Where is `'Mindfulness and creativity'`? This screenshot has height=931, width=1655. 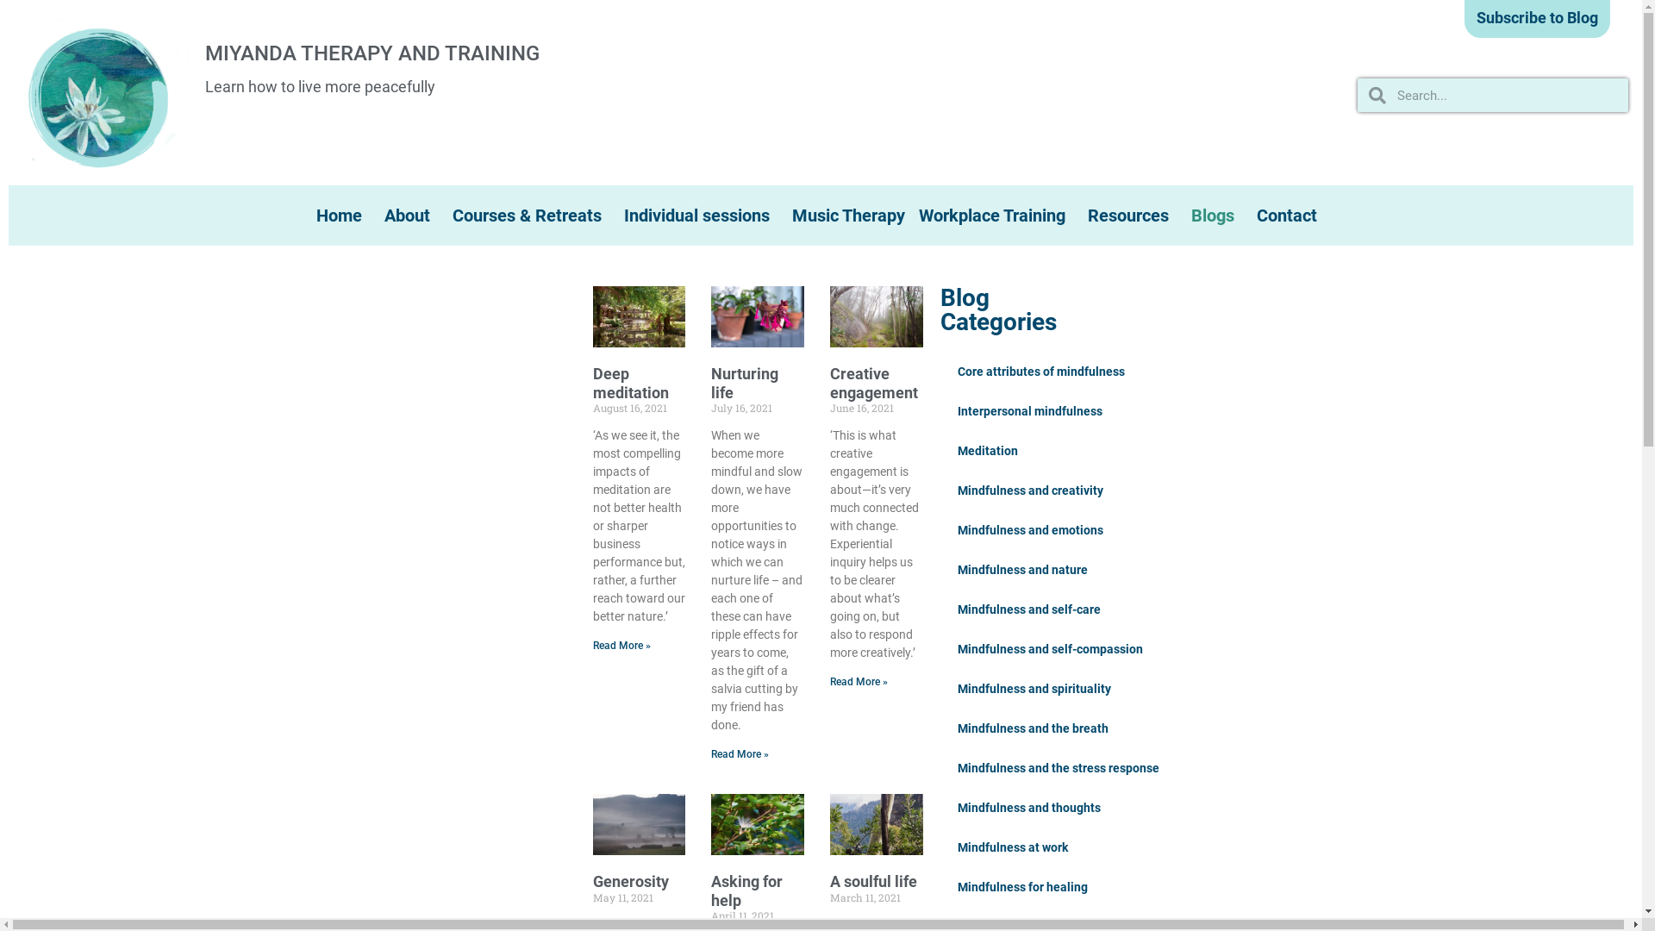
'Mindfulness and creativity' is located at coordinates (939, 490).